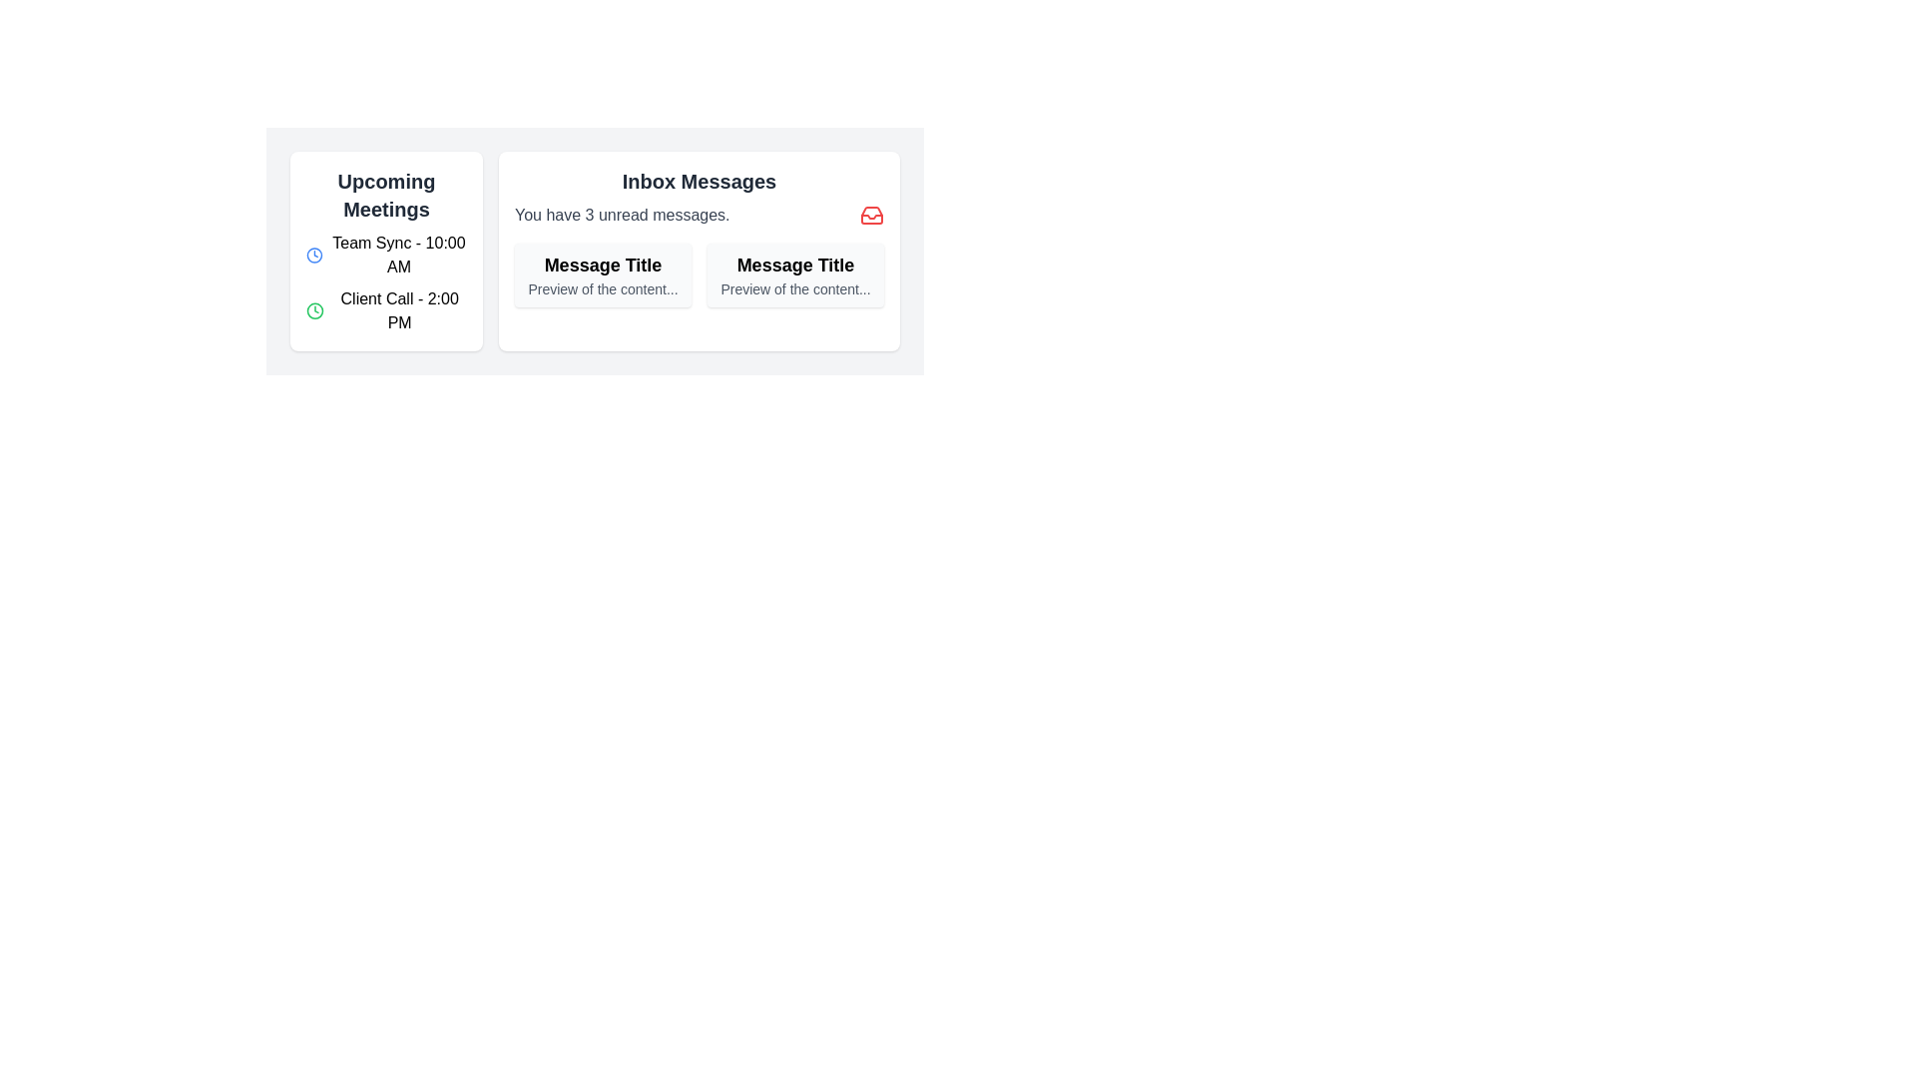 This screenshot has height=1078, width=1916. What do you see at coordinates (871, 216) in the screenshot?
I see `the inbox icon located in the top-right corner of the 'Inbox Messages' section, beside the unread message notification text` at bounding box center [871, 216].